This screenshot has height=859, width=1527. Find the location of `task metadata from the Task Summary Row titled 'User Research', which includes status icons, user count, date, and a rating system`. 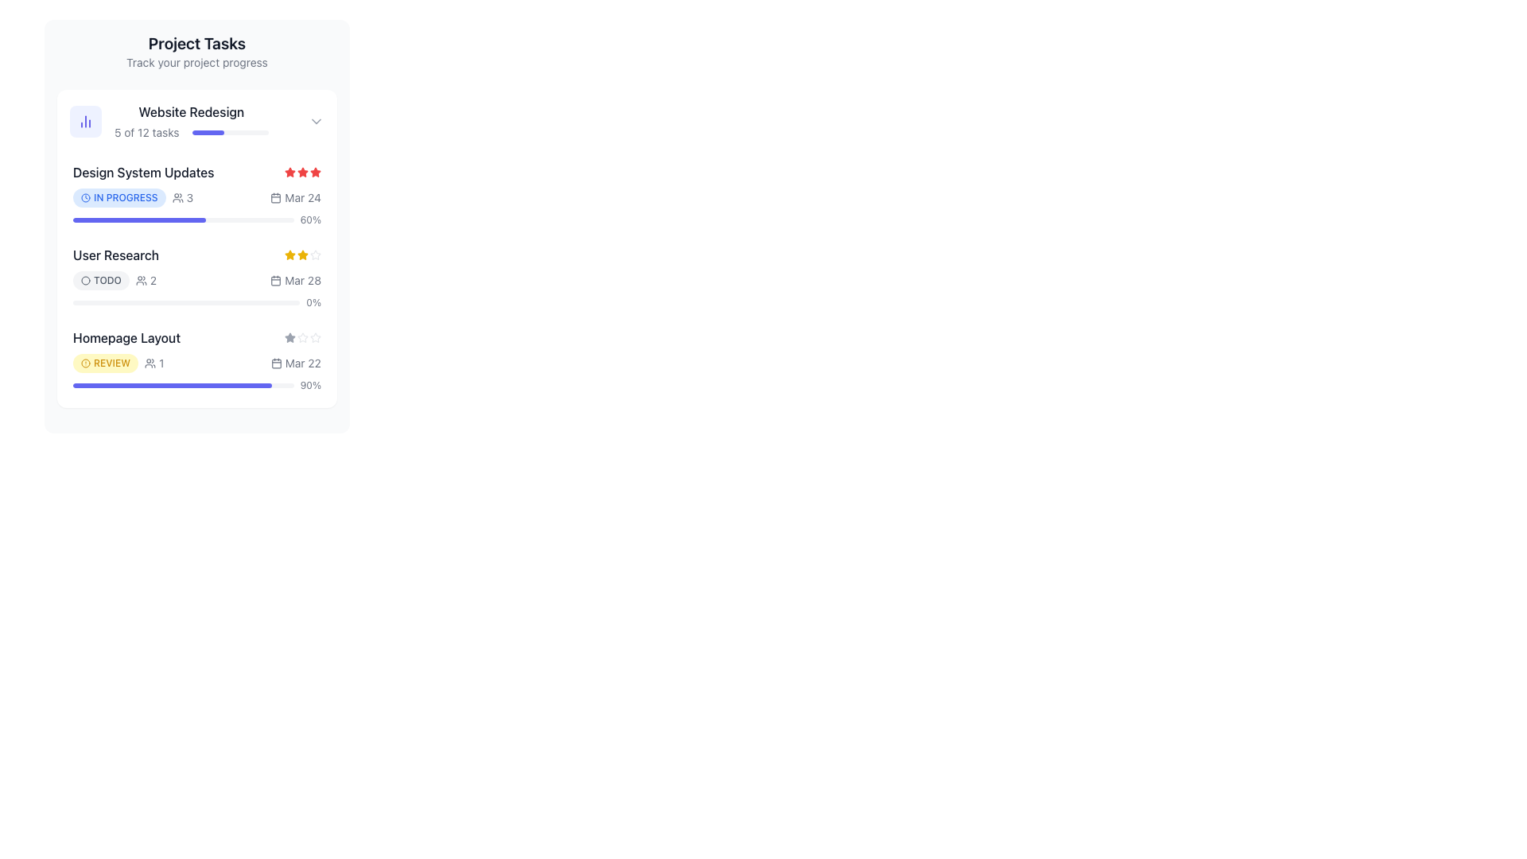

task metadata from the Task Summary Row titled 'User Research', which includes status icons, user count, date, and a rating system is located at coordinates (196, 276).